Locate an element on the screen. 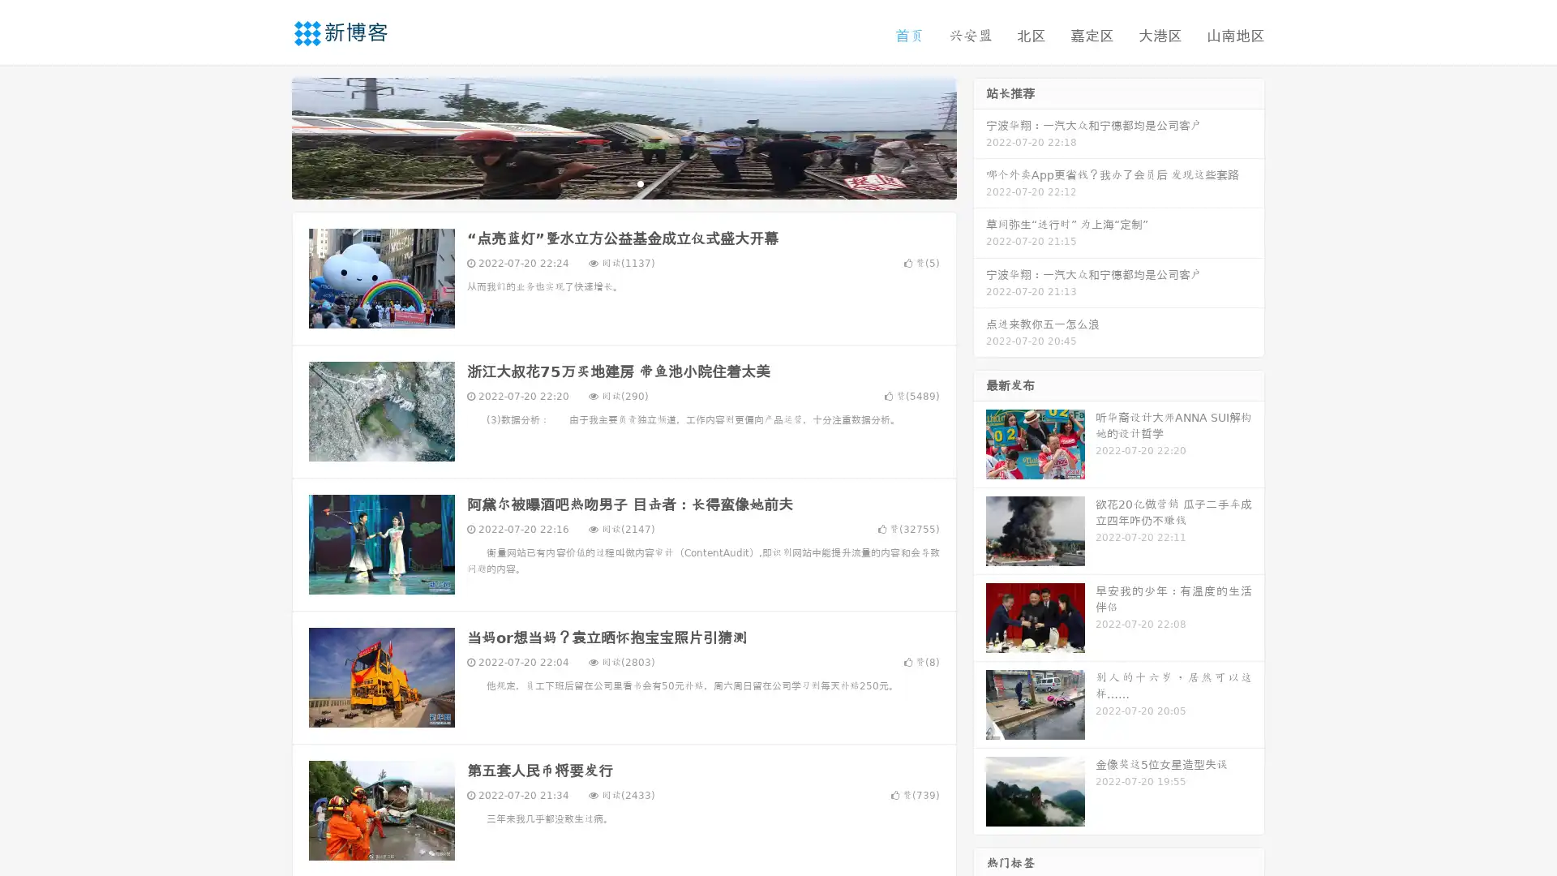  Go to slide 1 is located at coordinates (607, 182).